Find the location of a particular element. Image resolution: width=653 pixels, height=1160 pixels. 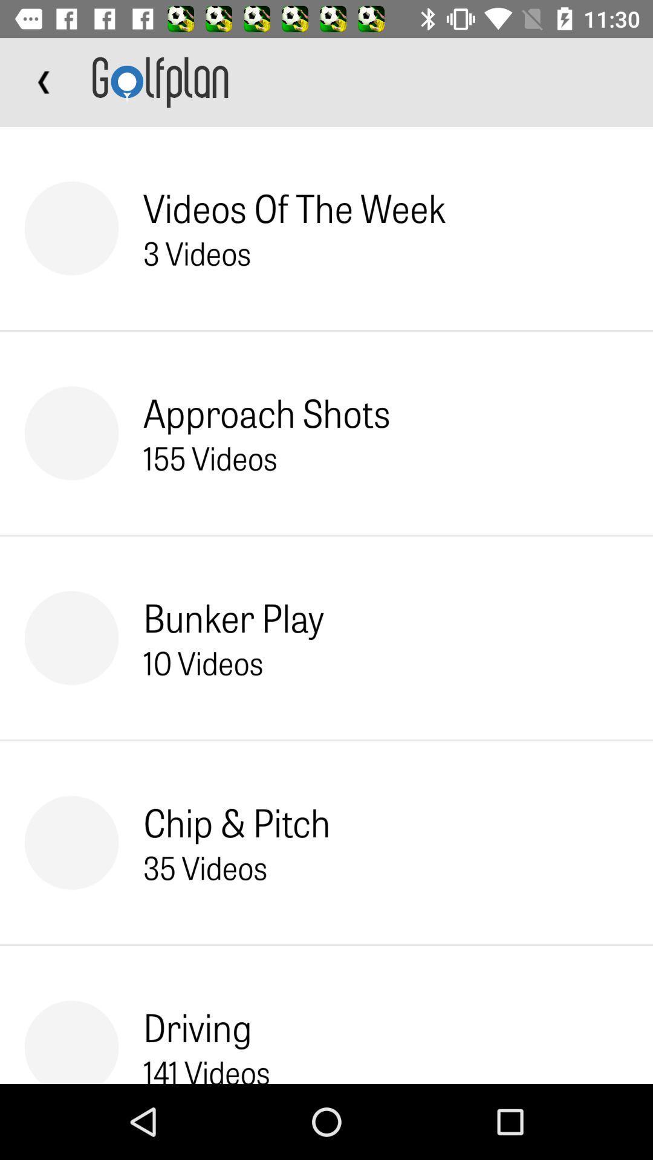

the item below 35 videos icon is located at coordinates (197, 1026).